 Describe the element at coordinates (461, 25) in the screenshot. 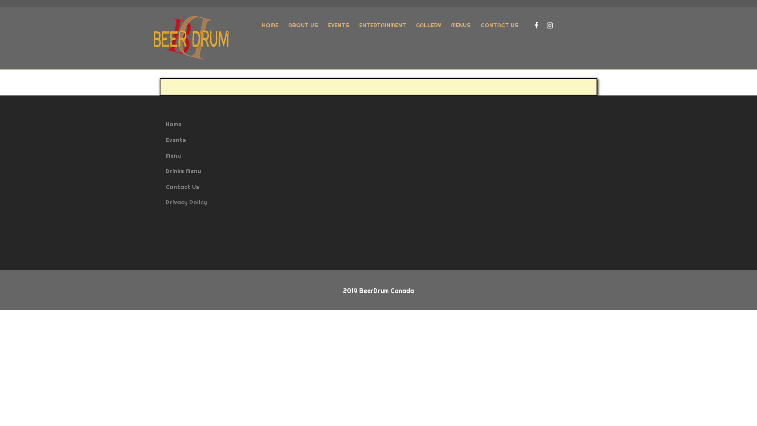

I see `'MENUS'` at that location.